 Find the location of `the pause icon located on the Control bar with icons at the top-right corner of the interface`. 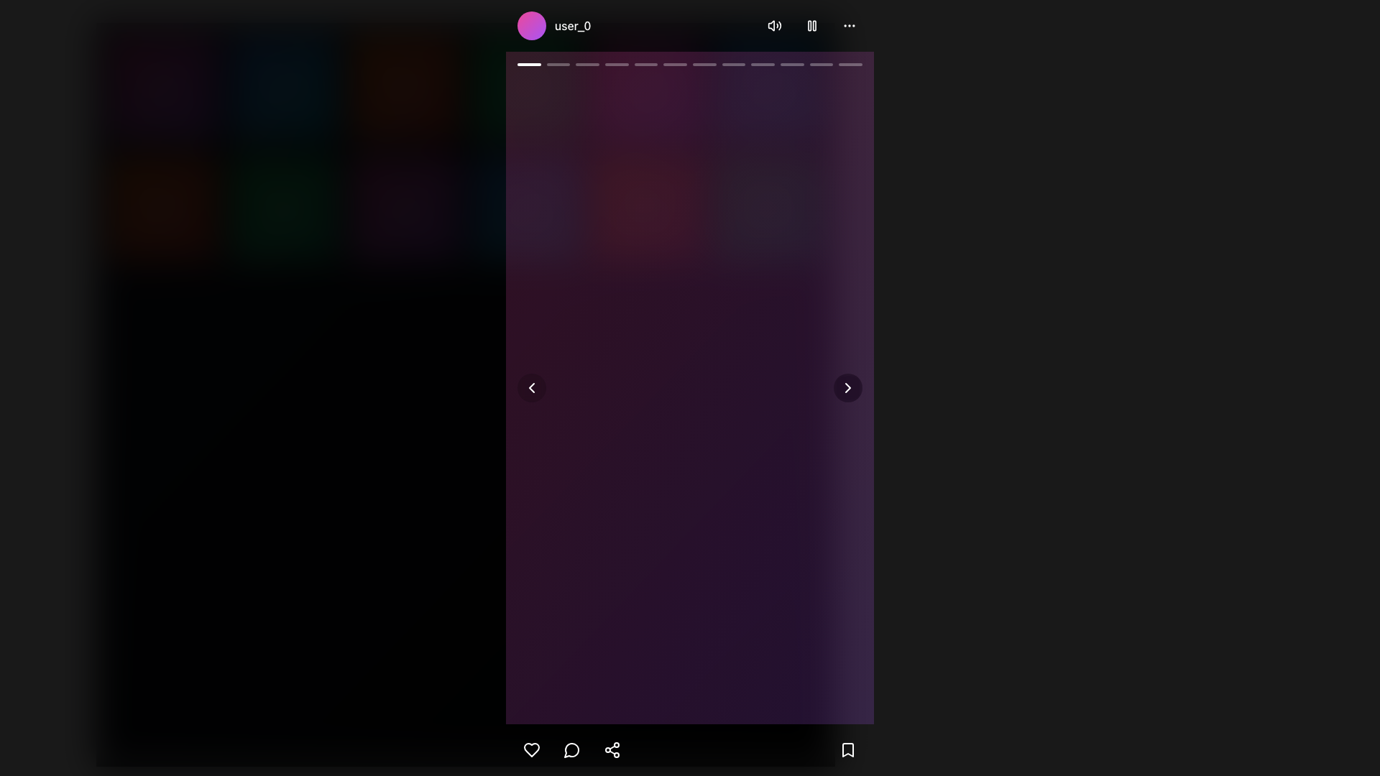

the pause icon located on the Control bar with icons at the top-right corner of the interface is located at coordinates (811, 25).